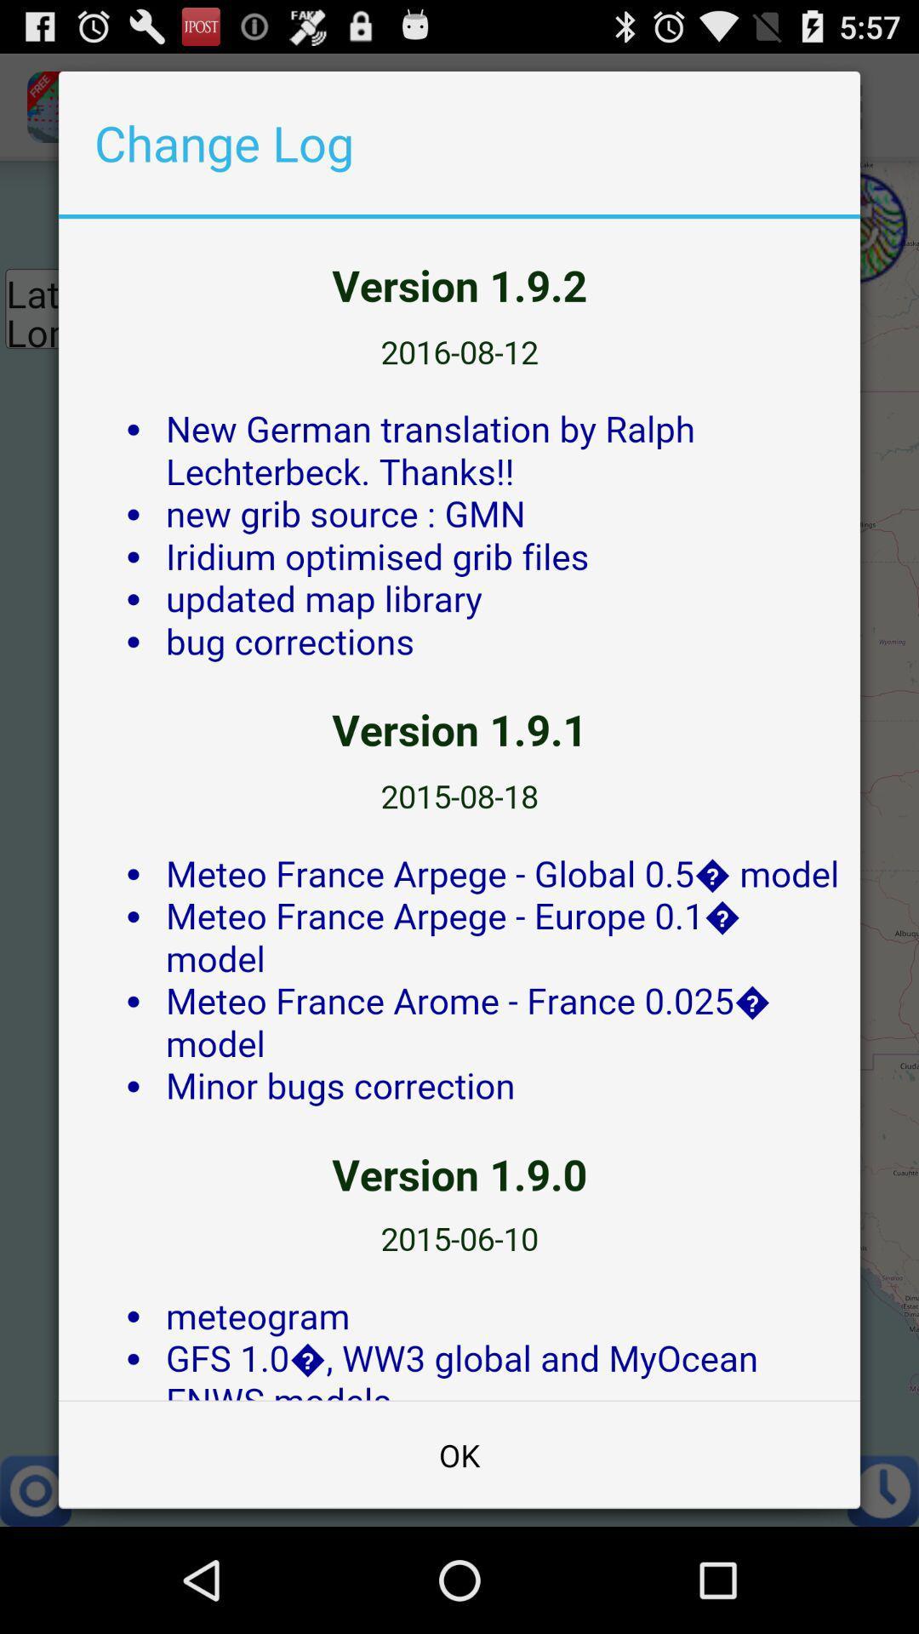 The image size is (919, 1634). What do you see at coordinates (459, 808) in the screenshot?
I see `adventisment page` at bounding box center [459, 808].